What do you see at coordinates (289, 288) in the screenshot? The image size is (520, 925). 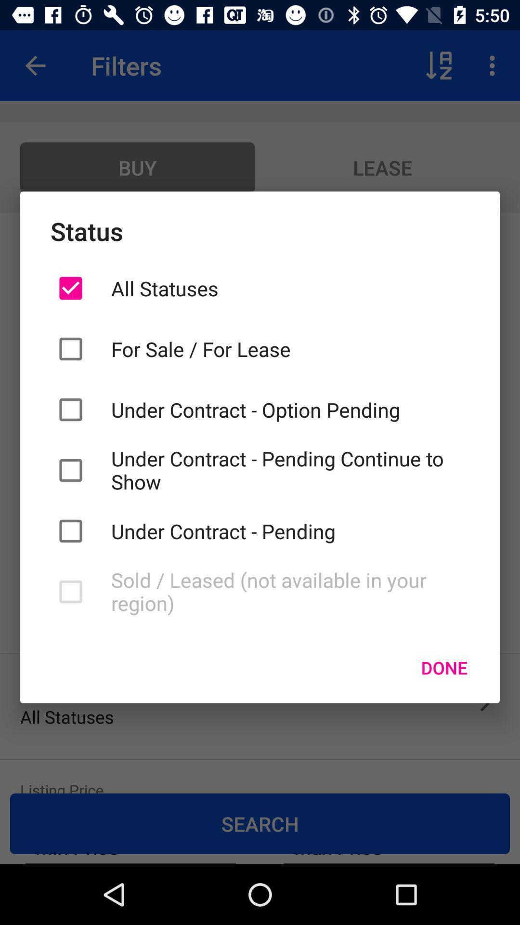 I see `the icon below the status icon` at bounding box center [289, 288].